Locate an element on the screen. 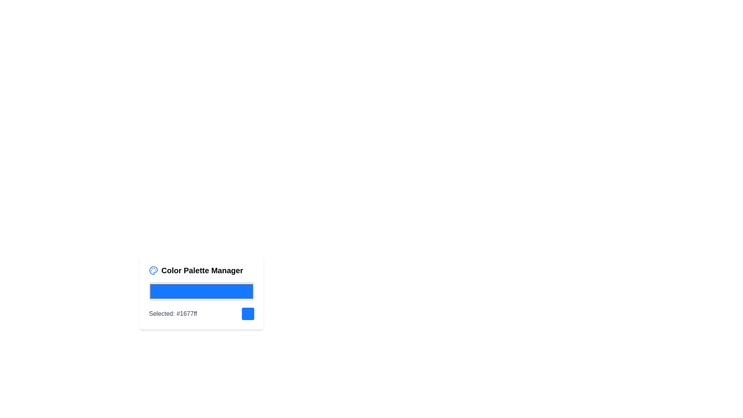 Image resolution: width=743 pixels, height=418 pixels. the painter's palette icon, which is a circular blue icon with paint spots, located within the 'Color Palette Manager' component is located at coordinates (154, 270).